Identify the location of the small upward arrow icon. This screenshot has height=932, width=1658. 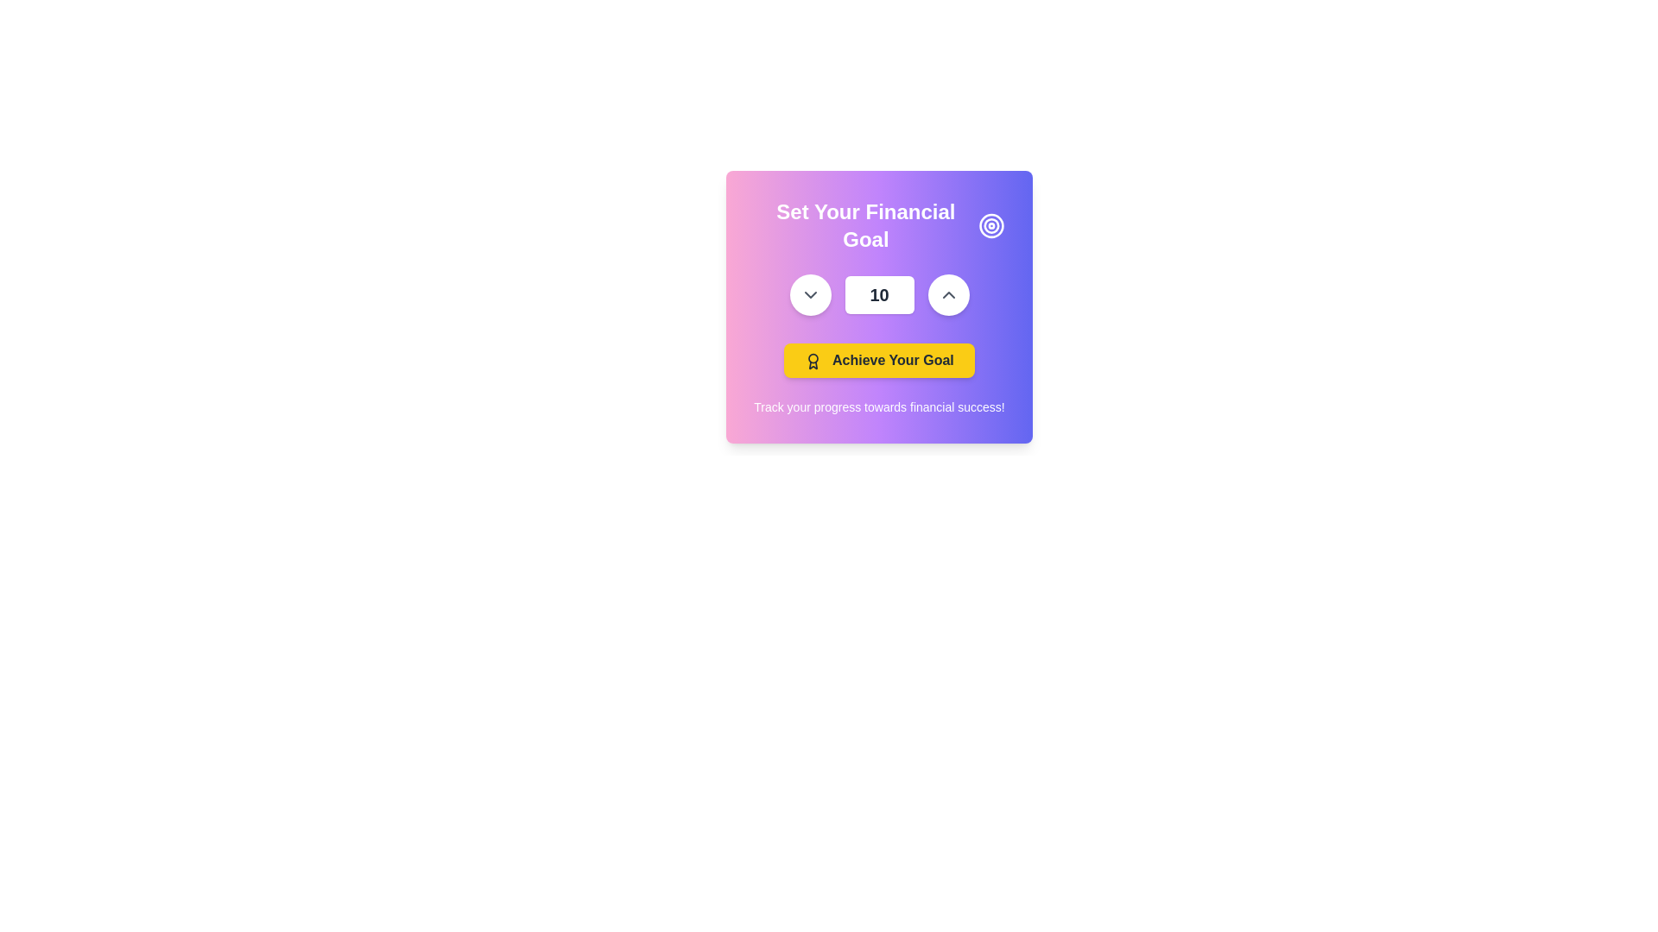
(947, 294).